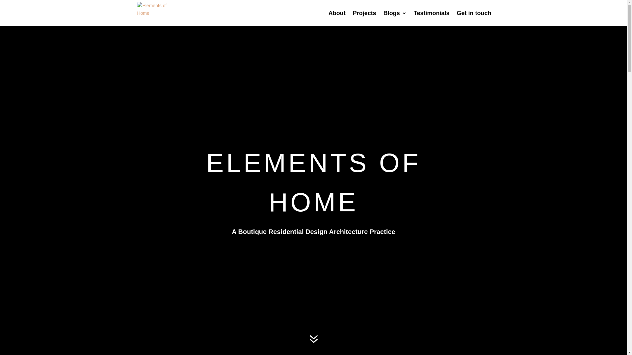 This screenshot has width=632, height=355. I want to click on 'About', so click(337, 18).